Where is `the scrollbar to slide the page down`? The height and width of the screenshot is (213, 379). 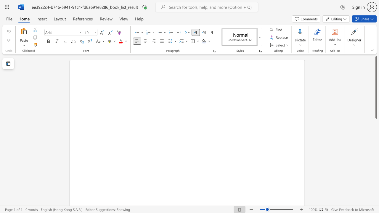 the scrollbar to slide the page down is located at coordinates (376, 183).